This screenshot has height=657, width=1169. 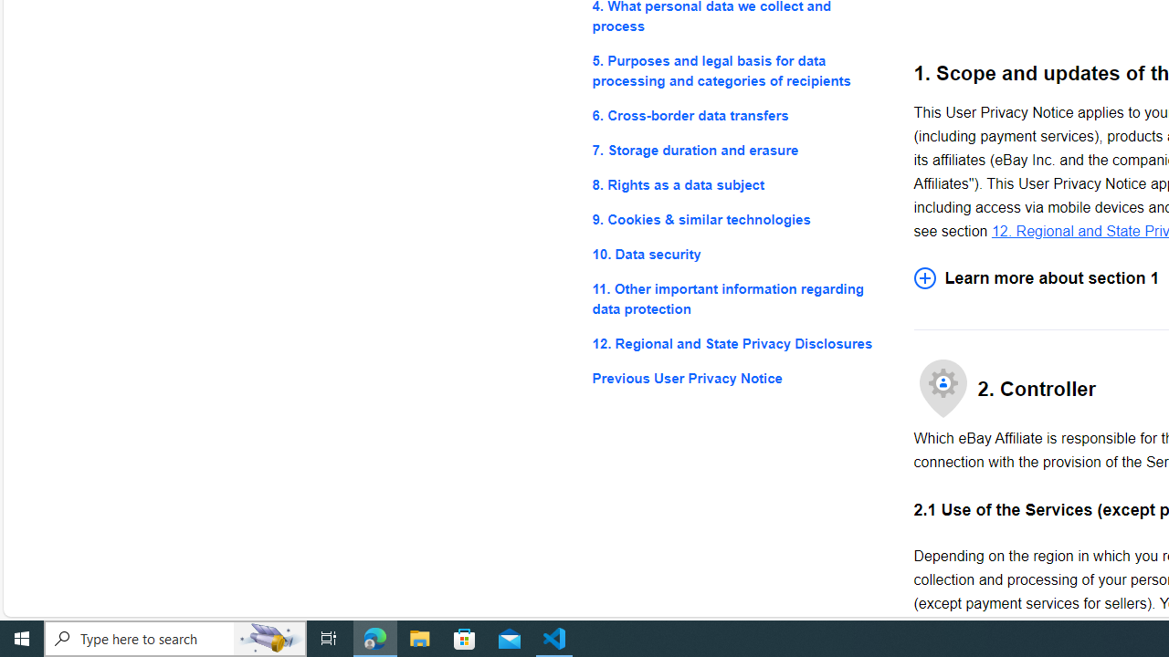 What do you see at coordinates (738, 149) in the screenshot?
I see `'7. Storage duration and erasure'` at bounding box center [738, 149].